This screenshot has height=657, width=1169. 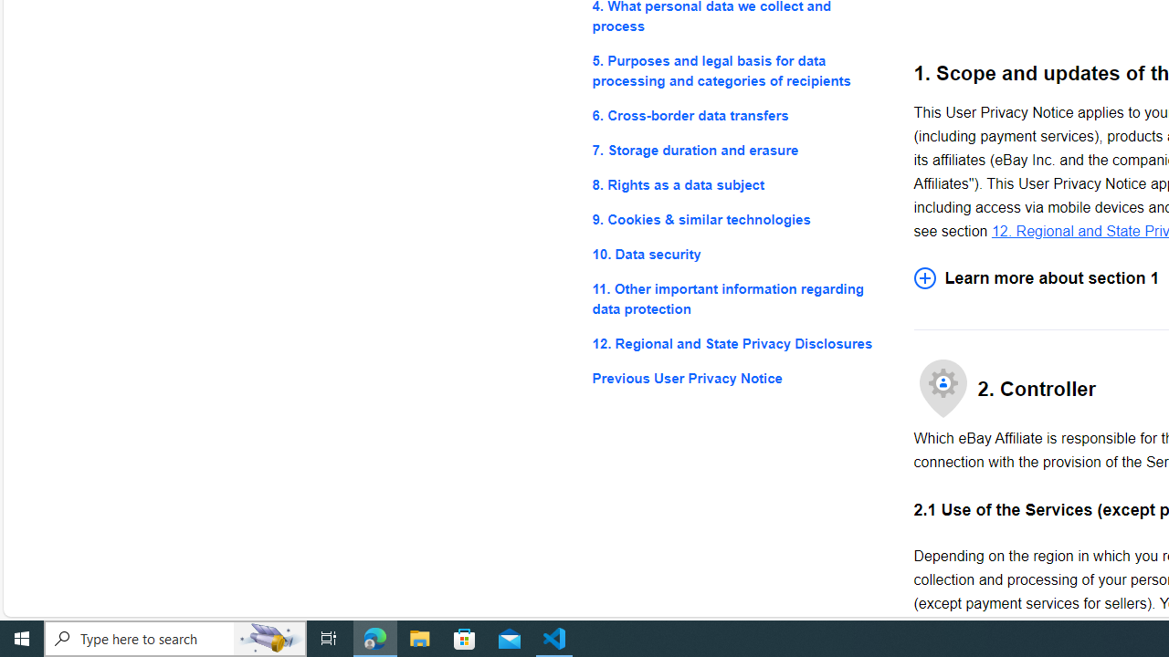 What do you see at coordinates (738, 149) in the screenshot?
I see `'7. Storage duration and erasure'` at bounding box center [738, 149].